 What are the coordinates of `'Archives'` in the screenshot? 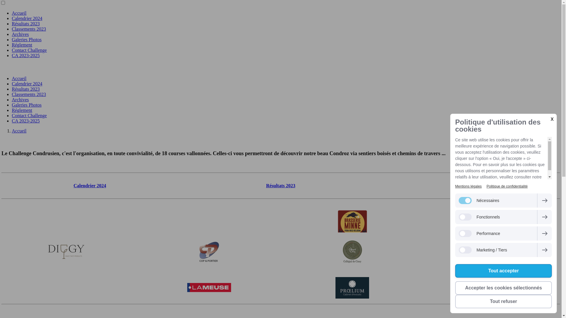 It's located at (20, 34).